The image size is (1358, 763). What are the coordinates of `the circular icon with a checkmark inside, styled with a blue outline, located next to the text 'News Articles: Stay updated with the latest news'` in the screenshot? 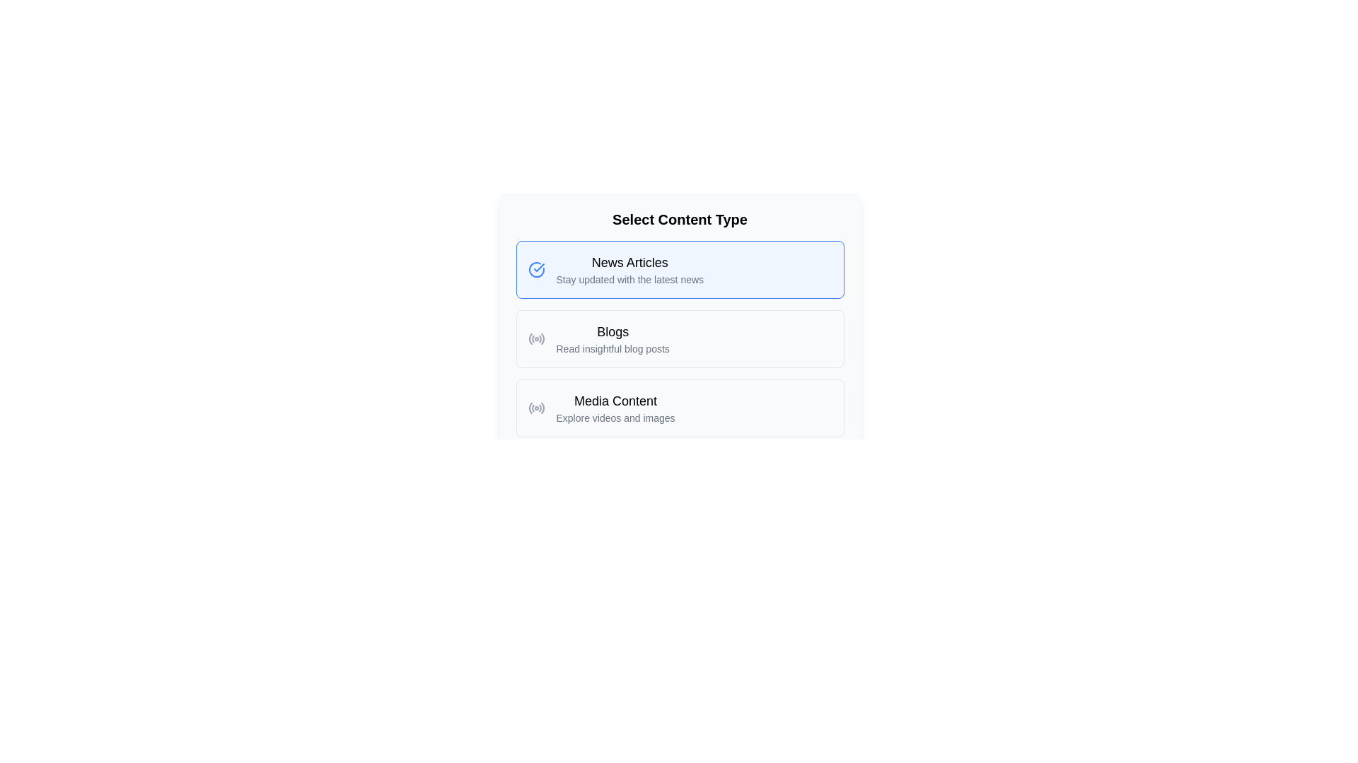 It's located at (535, 269).